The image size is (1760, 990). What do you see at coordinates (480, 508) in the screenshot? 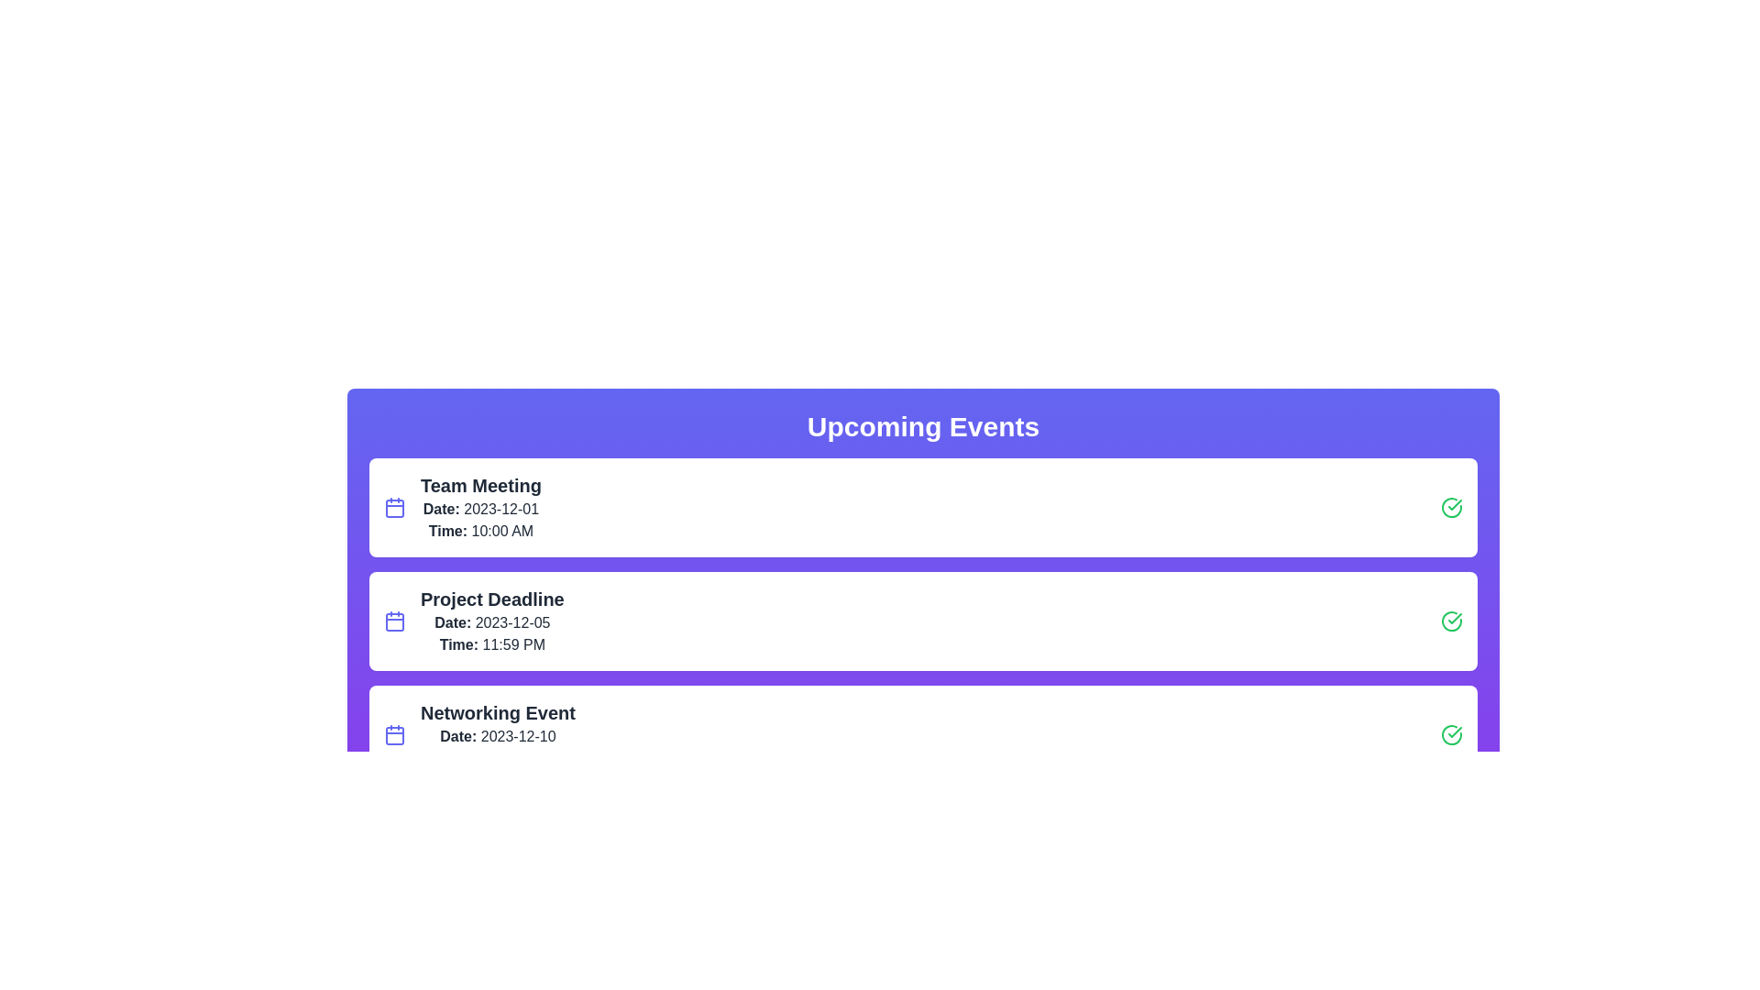
I see `the static informational text block displaying 'Team Meeting', which includes the date and time details` at bounding box center [480, 508].